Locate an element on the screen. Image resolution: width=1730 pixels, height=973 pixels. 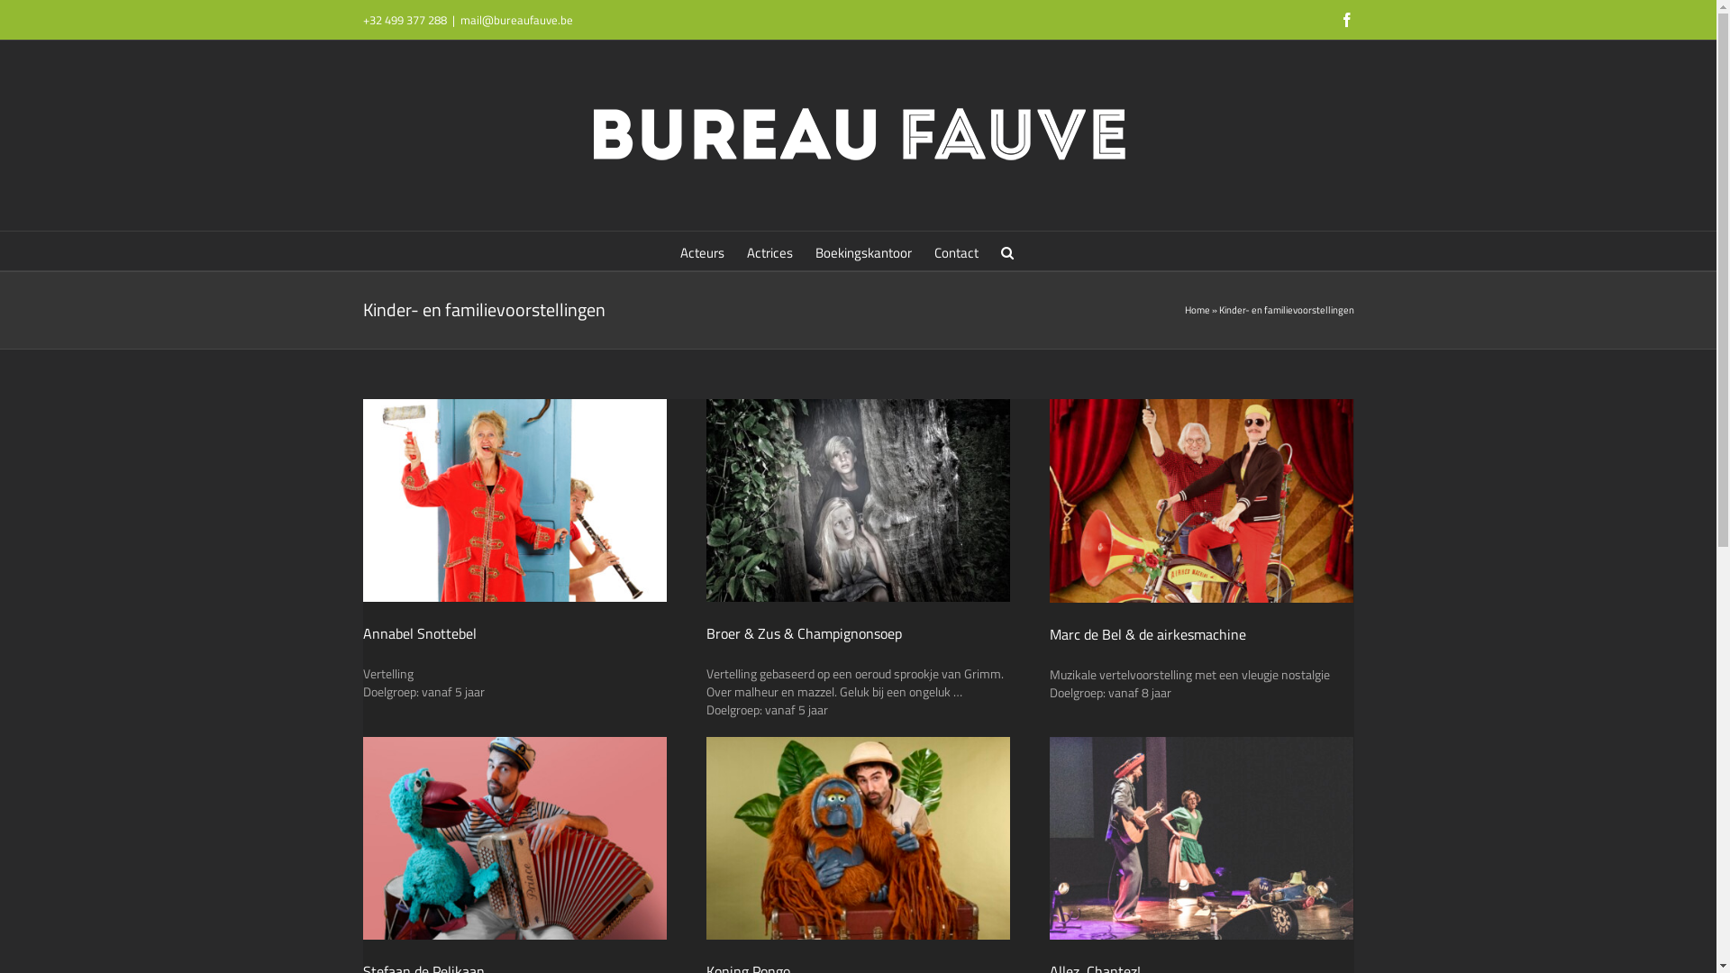
'mail@bureaufauve.be' is located at coordinates (514, 20).